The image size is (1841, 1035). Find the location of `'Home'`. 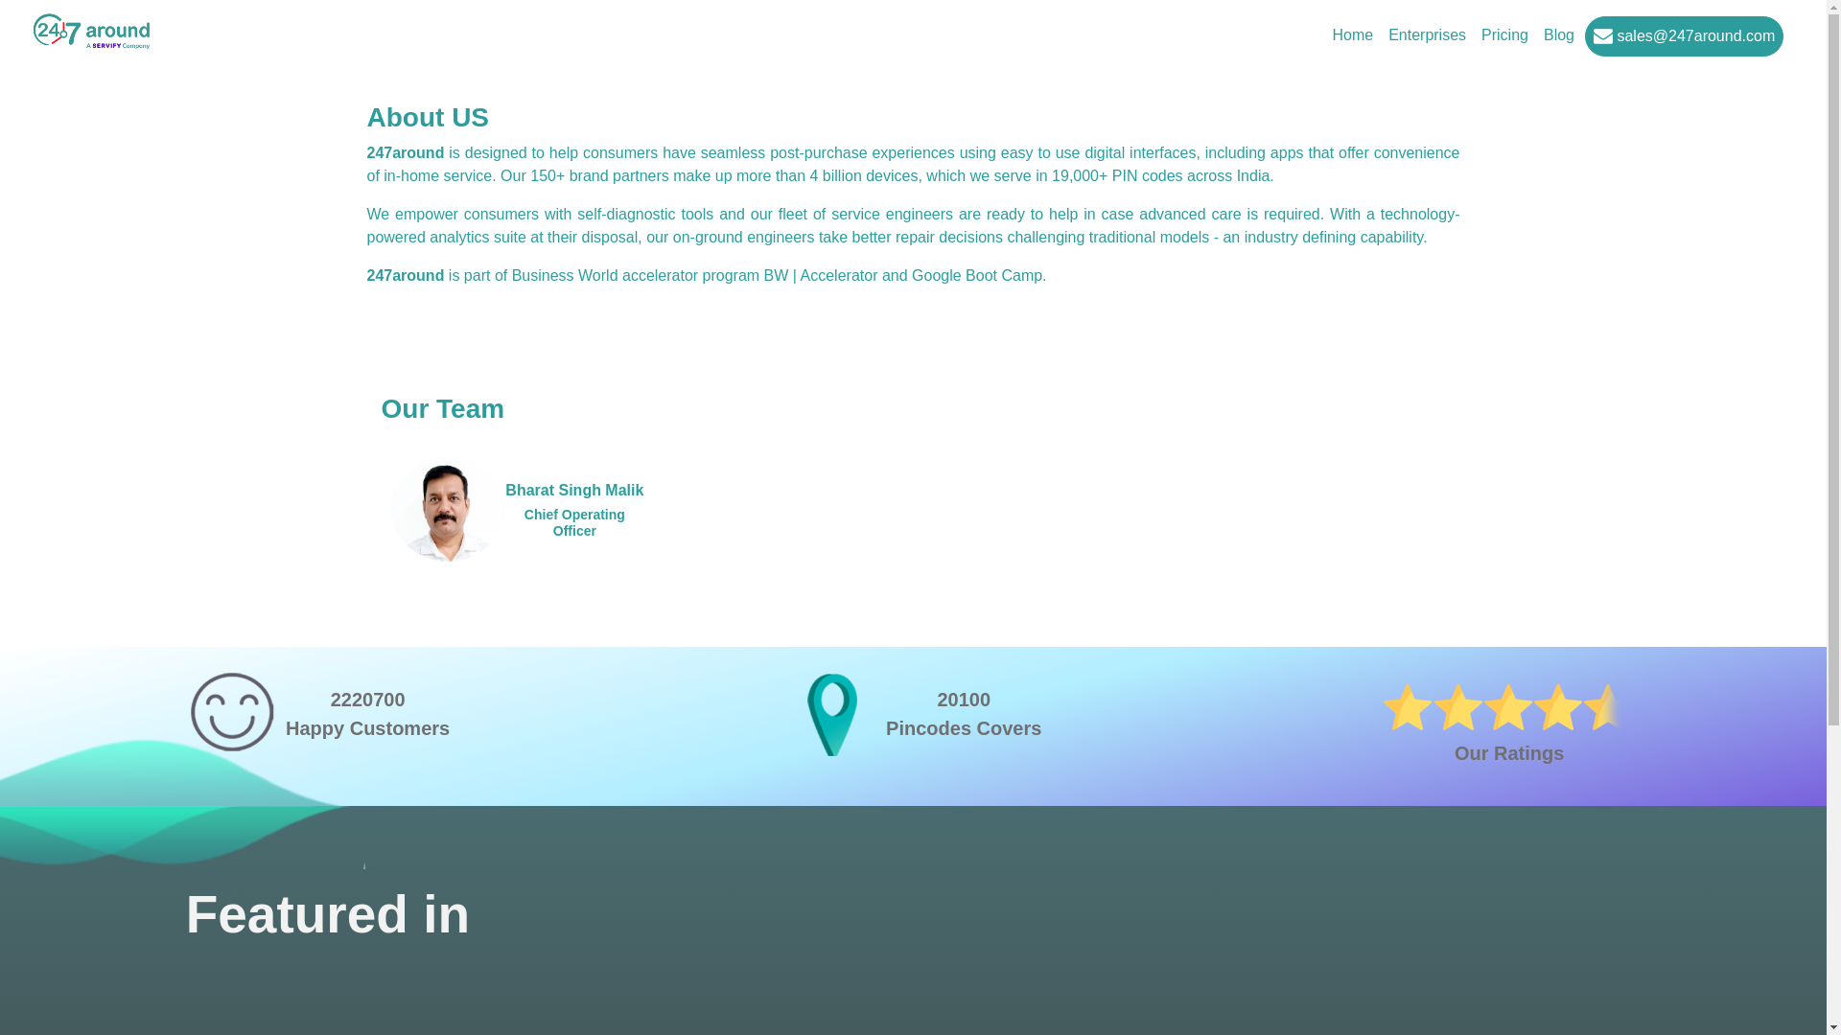

'Home' is located at coordinates (1351, 35).